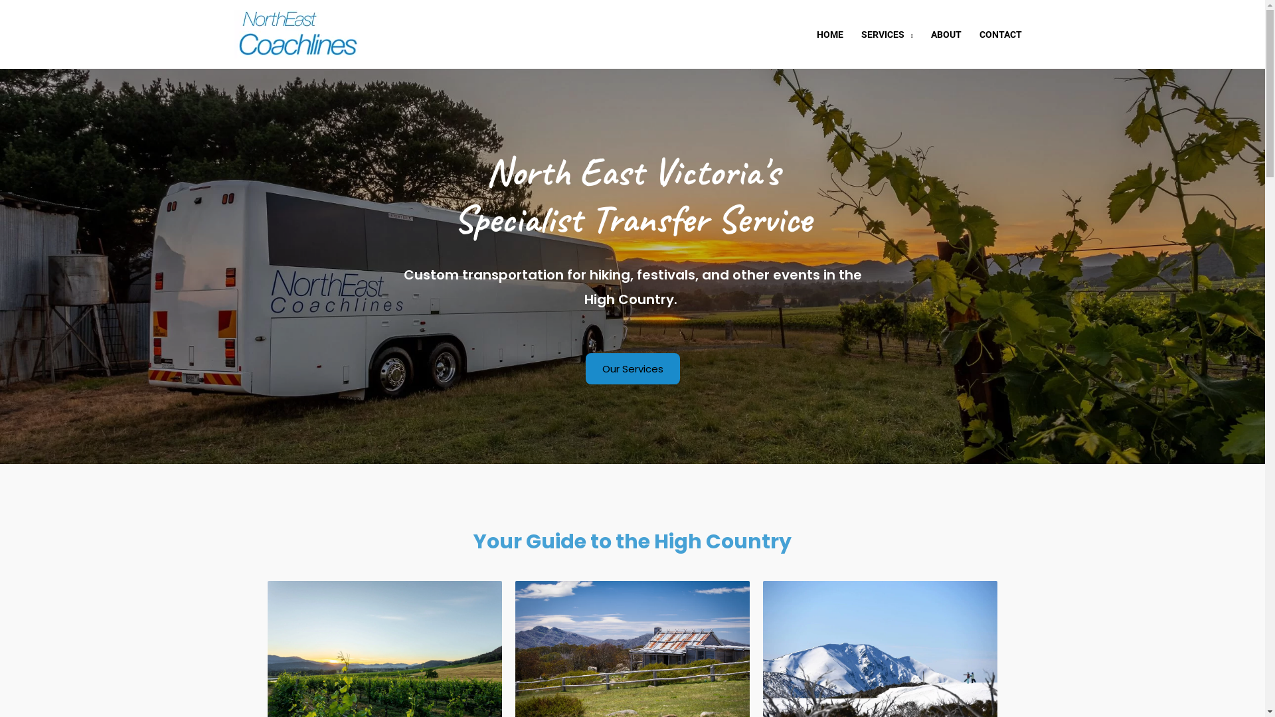 This screenshot has height=717, width=1275. Describe the element at coordinates (829, 33) in the screenshot. I see `'HOME'` at that location.